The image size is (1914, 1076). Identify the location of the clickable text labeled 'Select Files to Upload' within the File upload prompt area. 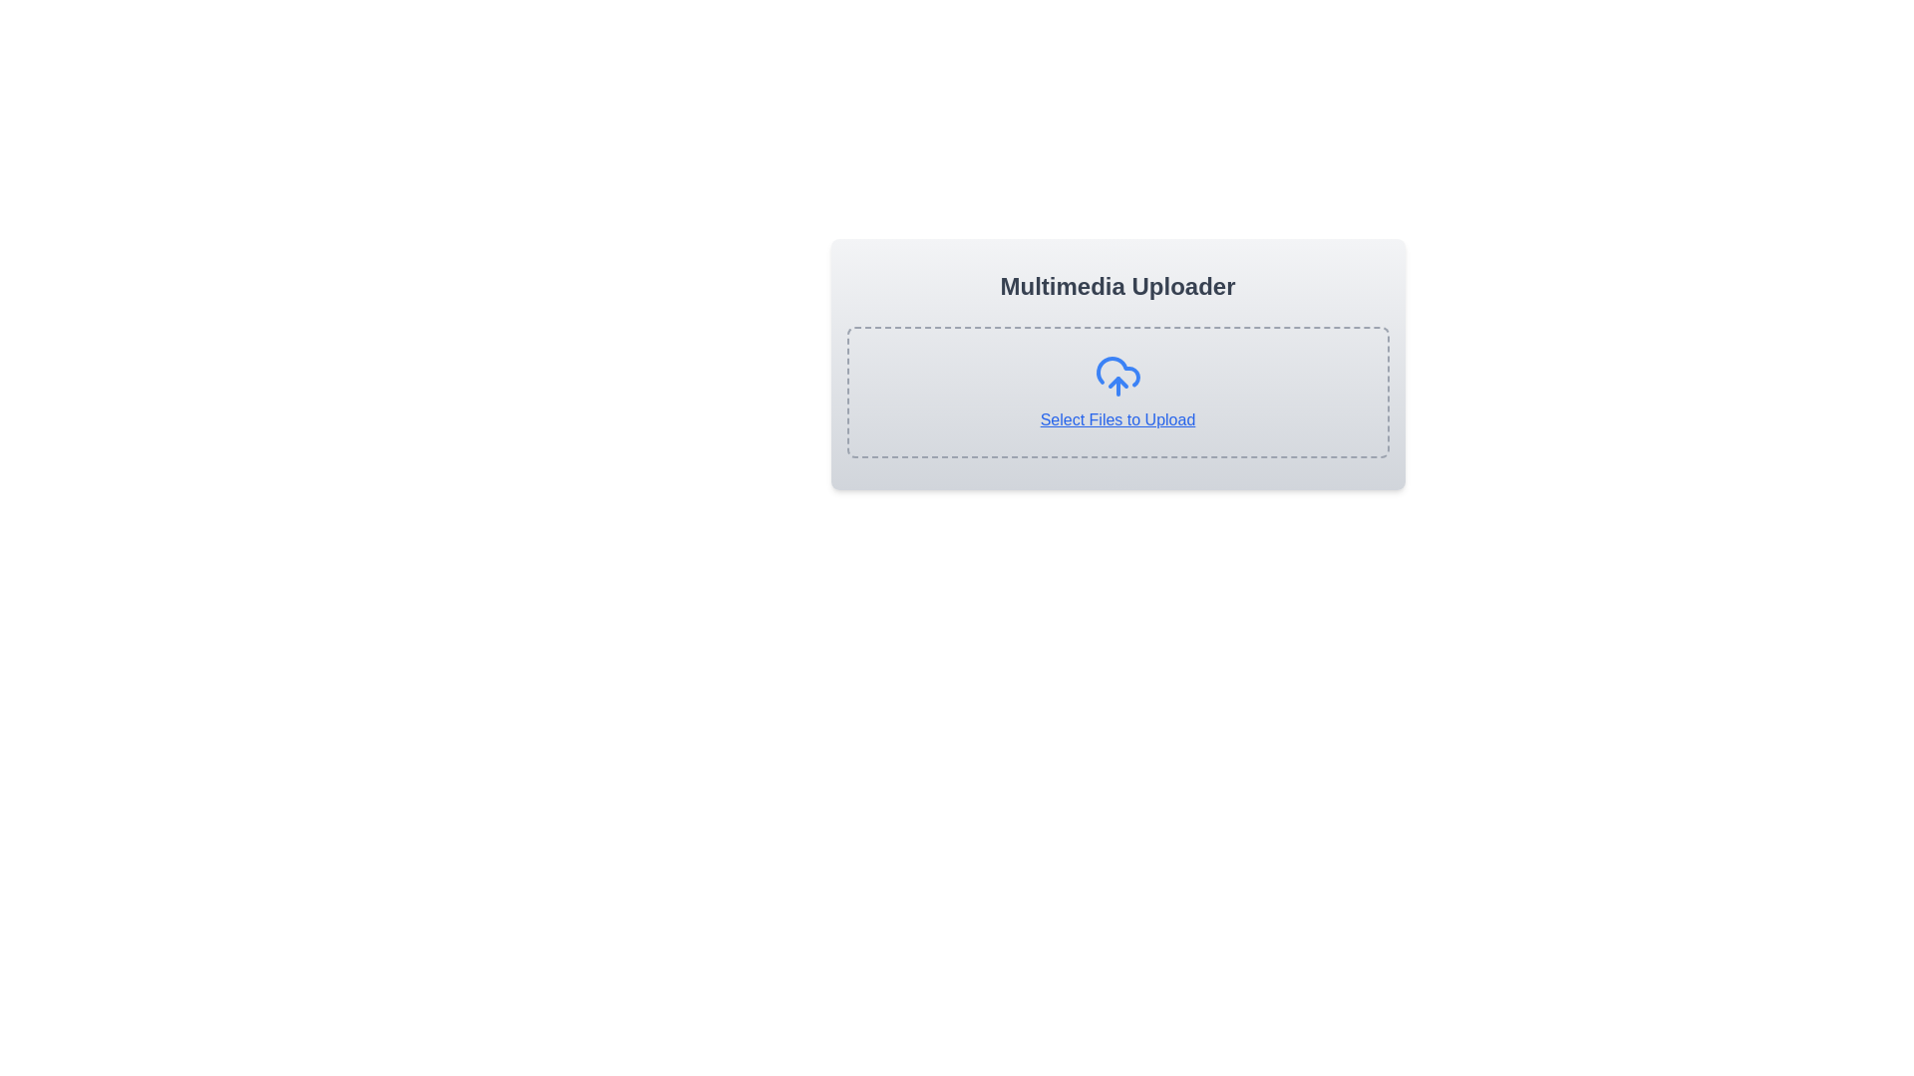
(1117, 392).